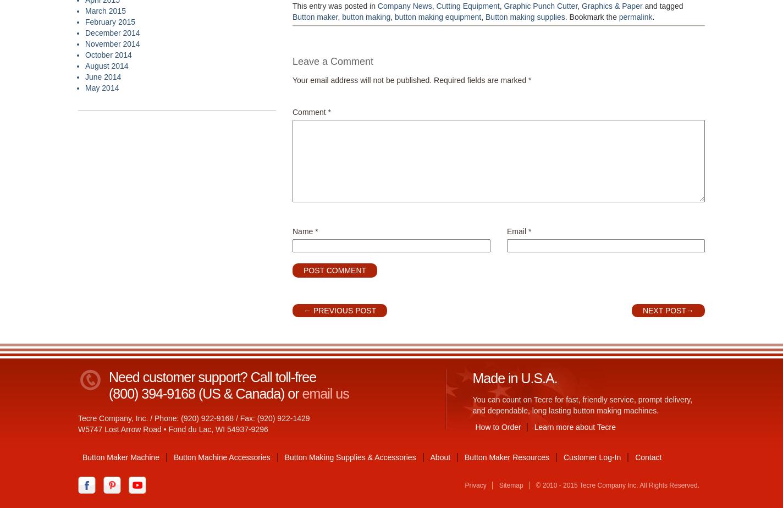 Image resolution: width=783 pixels, height=508 pixels. I want to click on 'W5747 Lost Arrow Road • Fond du Lac, WI 54937-9296', so click(172, 429).